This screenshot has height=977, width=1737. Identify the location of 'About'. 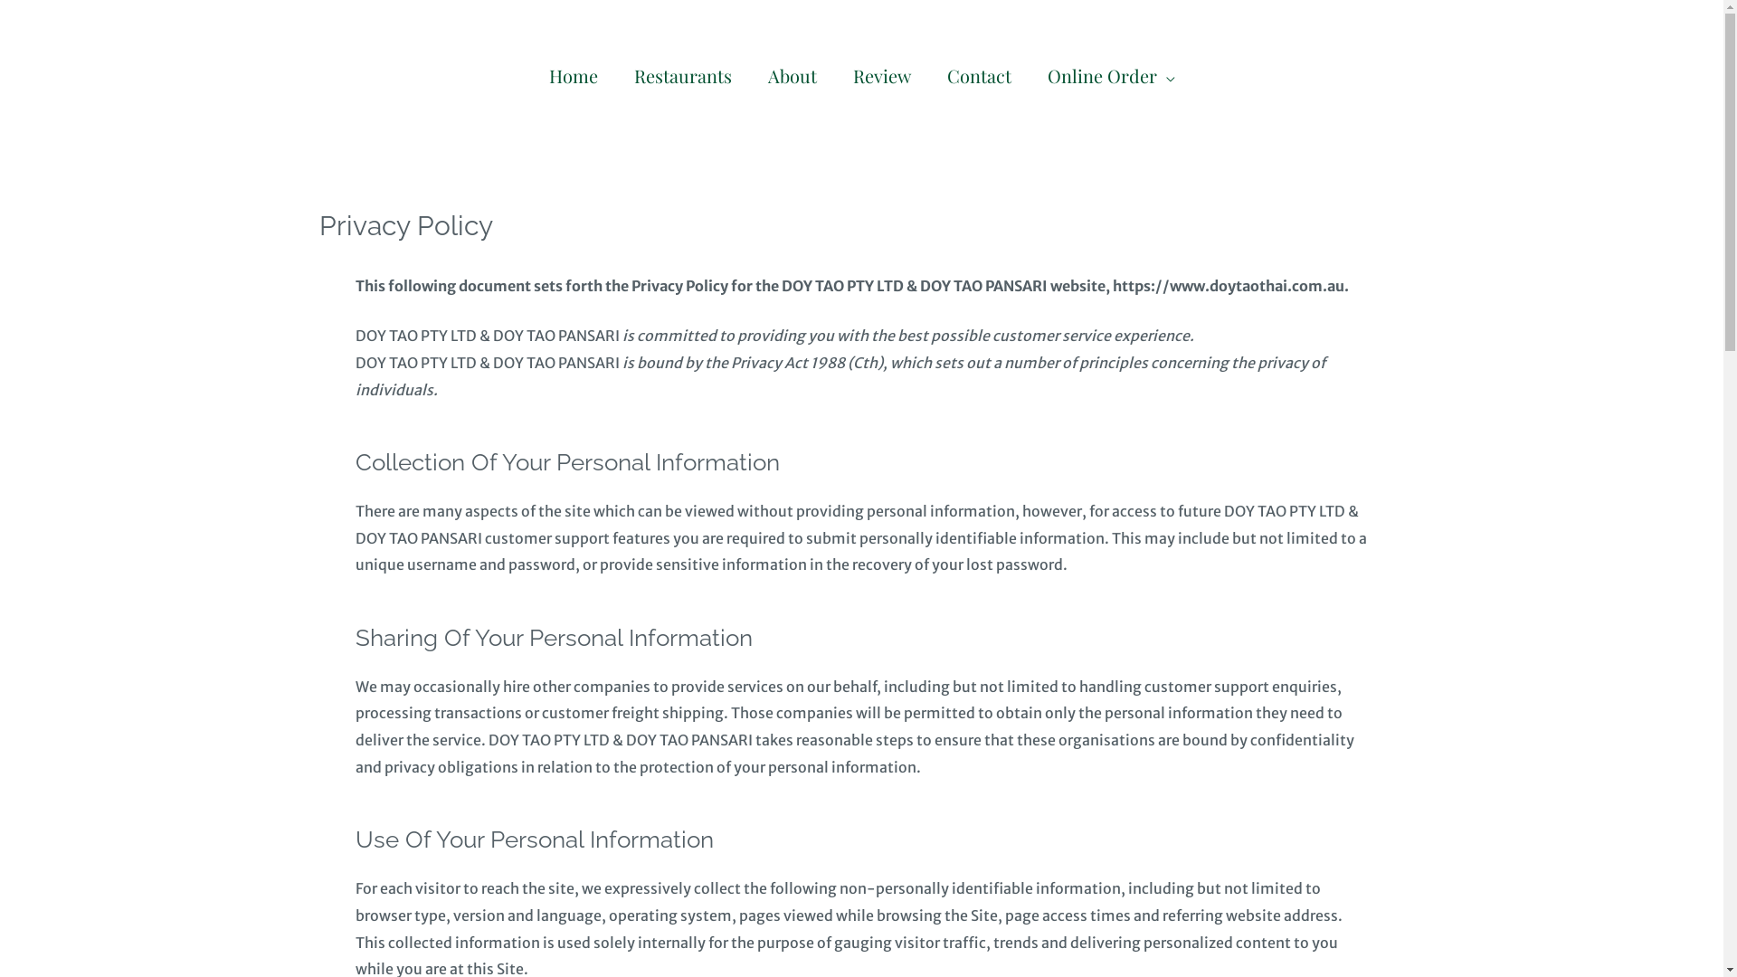
(791, 73).